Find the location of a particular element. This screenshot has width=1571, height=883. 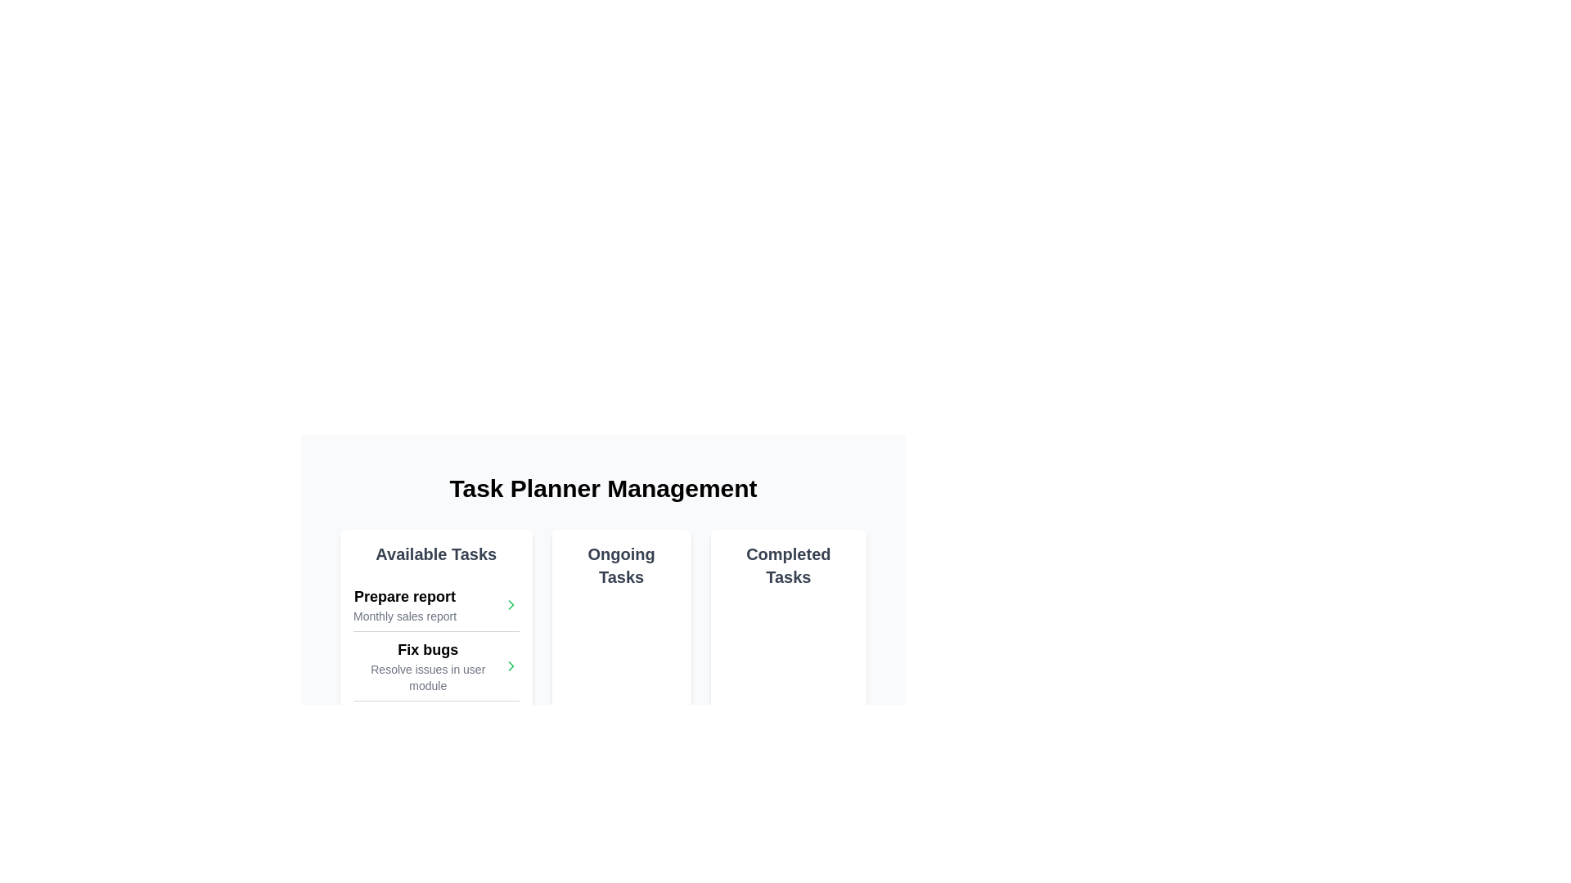

the right-pointing green arrow icon button located in the 'Prepare report' card component to initiate navigation or action is located at coordinates (510, 605).